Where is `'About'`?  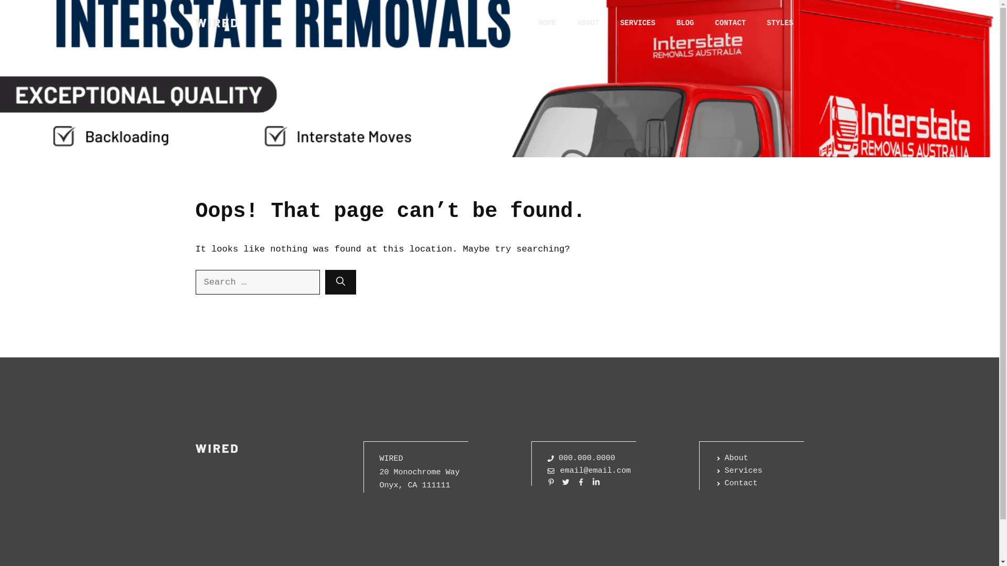 'About' is located at coordinates (731, 458).